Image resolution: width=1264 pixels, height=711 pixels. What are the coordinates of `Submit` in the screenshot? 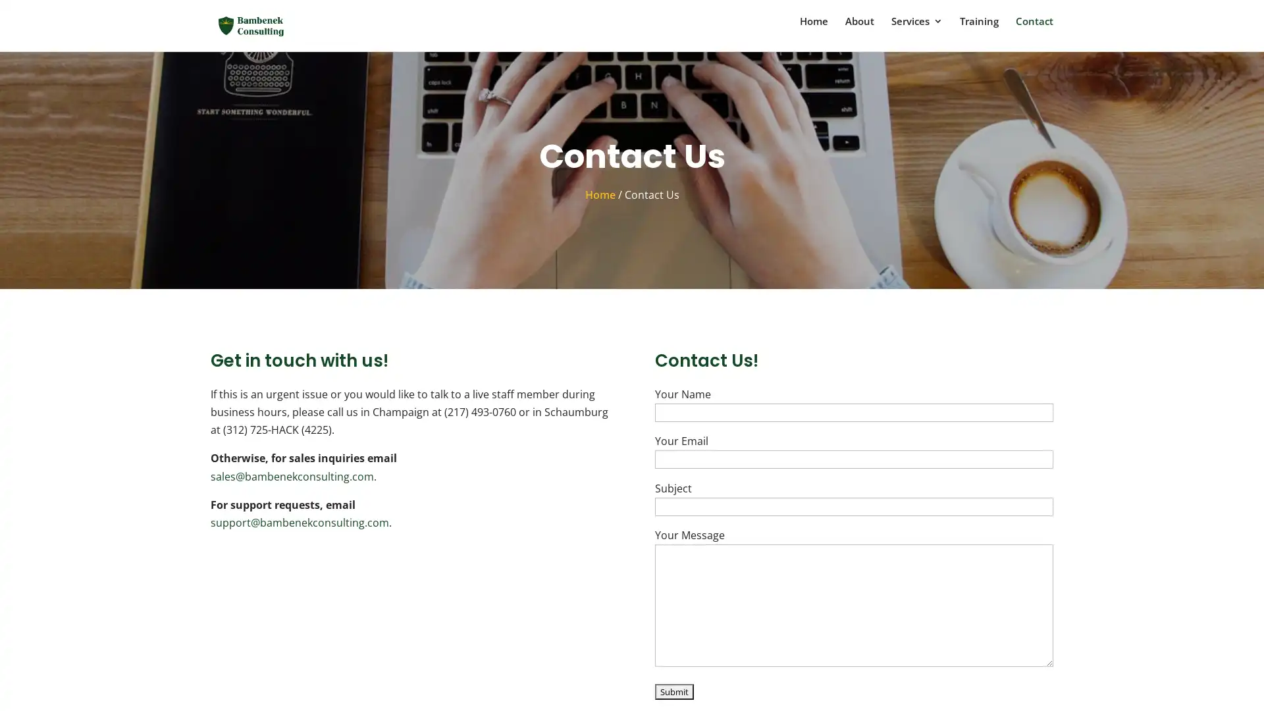 It's located at (674, 693).